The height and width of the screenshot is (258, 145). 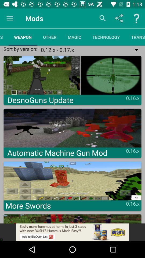 I want to click on toggles help options for the app, so click(x=136, y=18).